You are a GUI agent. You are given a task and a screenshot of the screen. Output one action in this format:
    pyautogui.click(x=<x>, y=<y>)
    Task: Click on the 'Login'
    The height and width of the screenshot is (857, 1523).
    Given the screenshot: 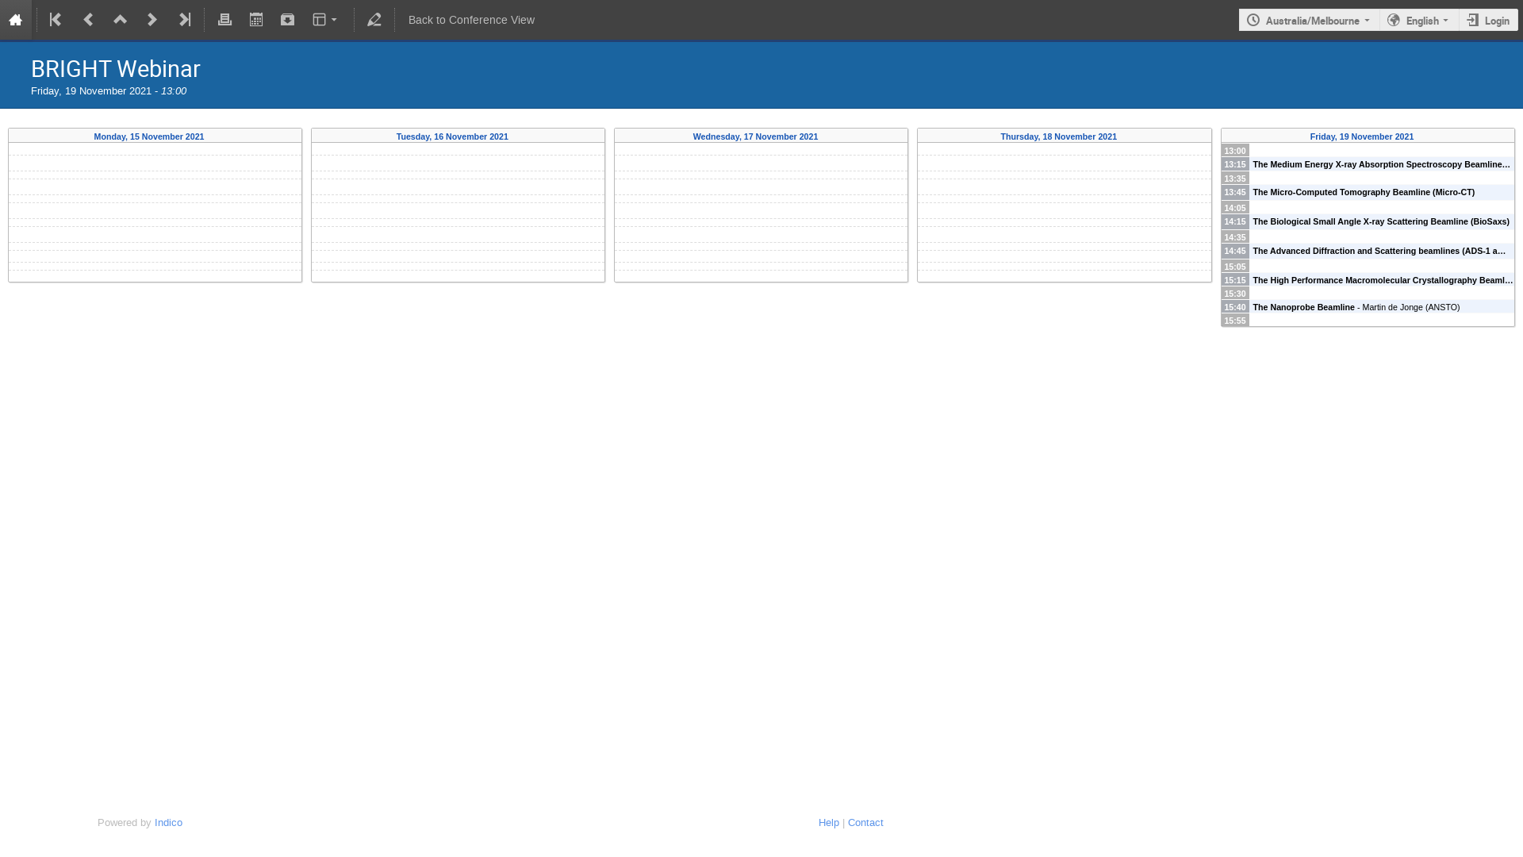 What is the action you would take?
    pyautogui.click(x=1487, y=20)
    